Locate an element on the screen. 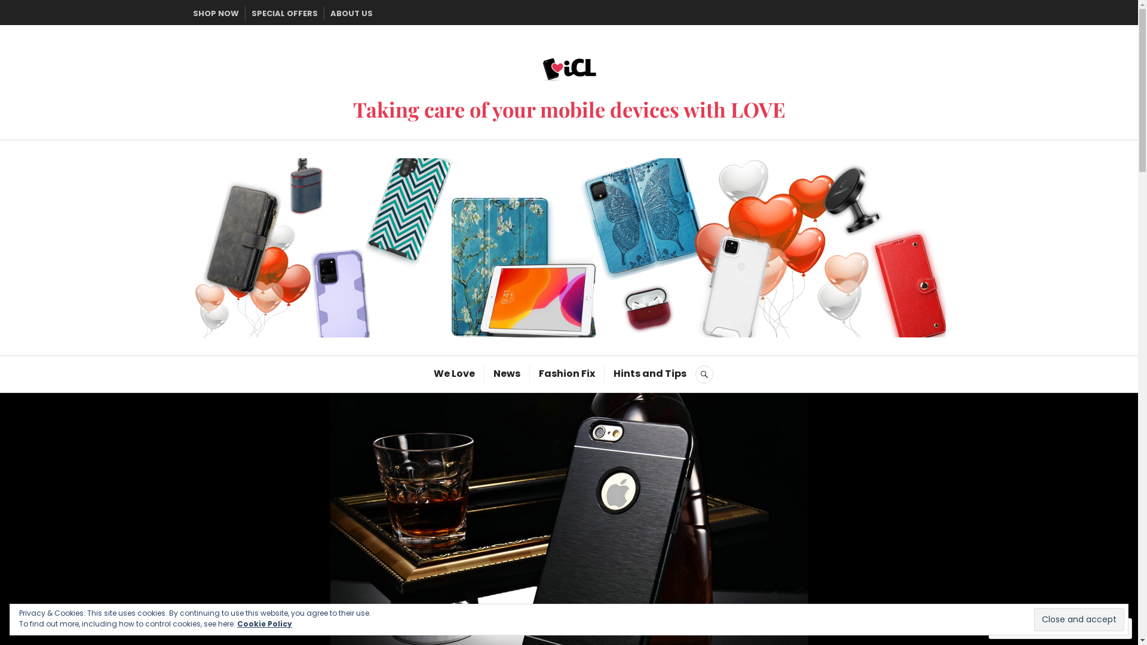  'Hints and Tips' is located at coordinates (649, 373).